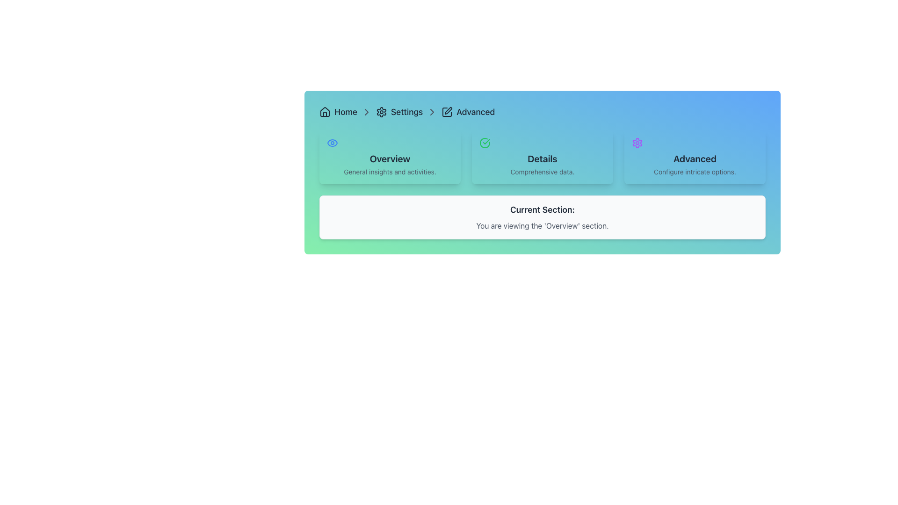 The height and width of the screenshot is (505, 898). What do you see at coordinates (345, 111) in the screenshot?
I see `the 'Home' text link in the top-left navigation bar` at bounding box center [345, 111].